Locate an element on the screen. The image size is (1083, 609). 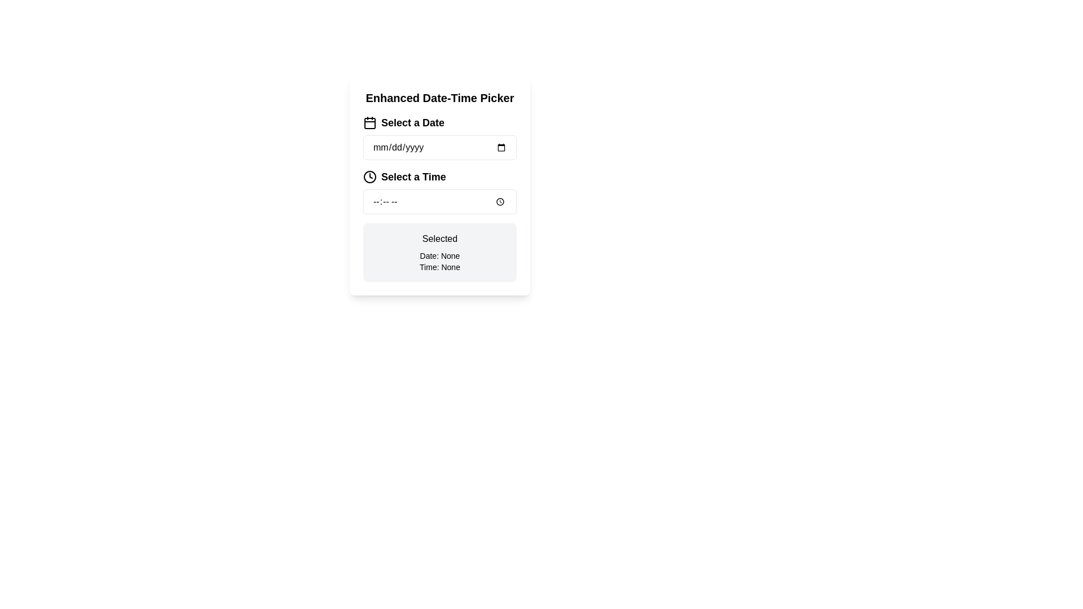
the time picker input field located within the 'Enhanced Date-Time Picker' card interface is located at coordinates (439, 191).